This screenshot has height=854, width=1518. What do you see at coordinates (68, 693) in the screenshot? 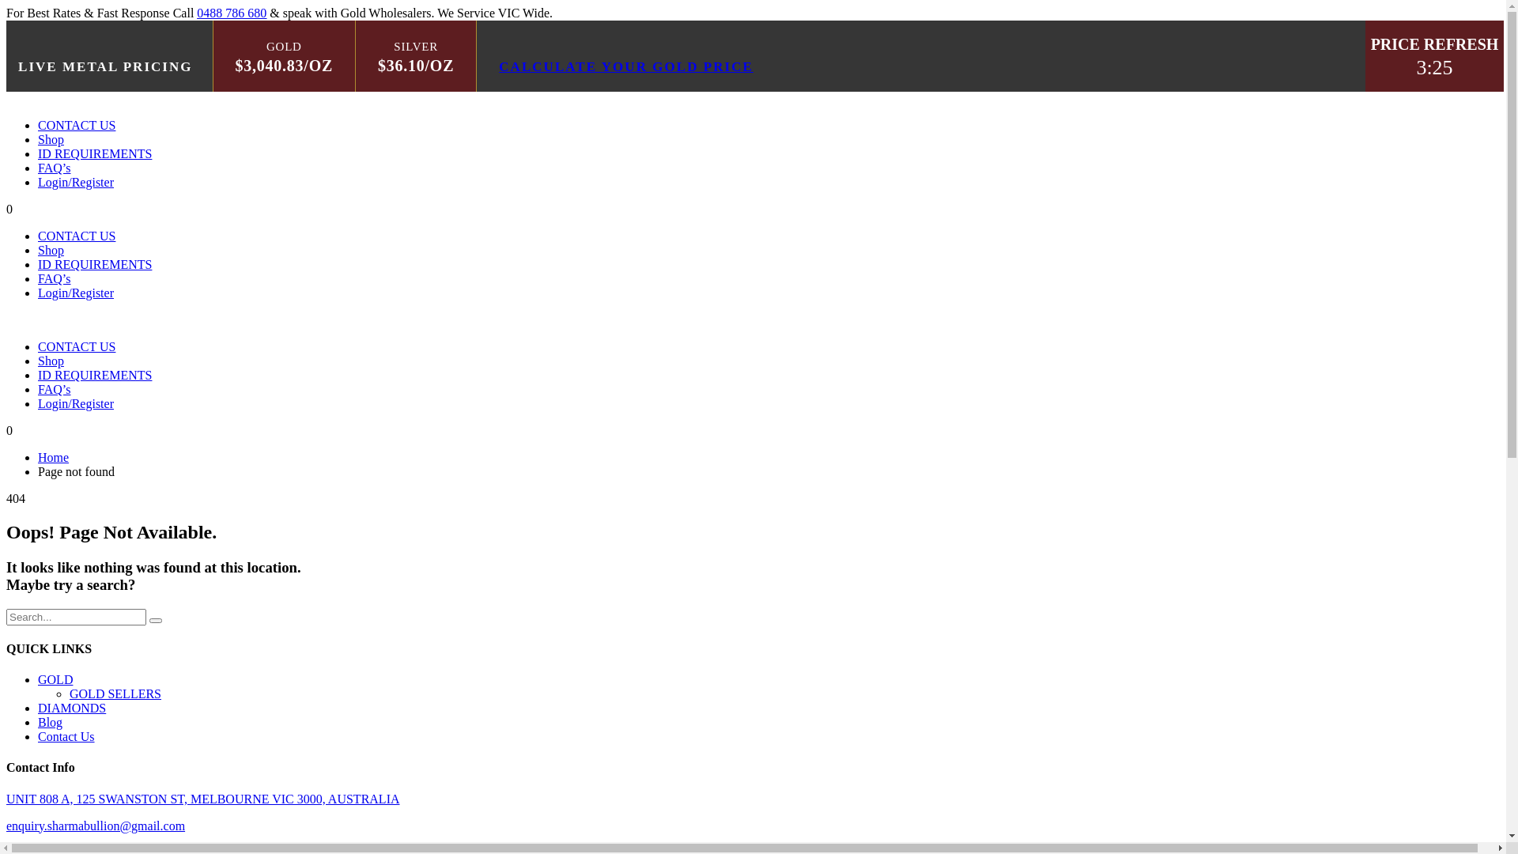
I see `'GOLD SELLERS'` at bounding box center [68, 693].